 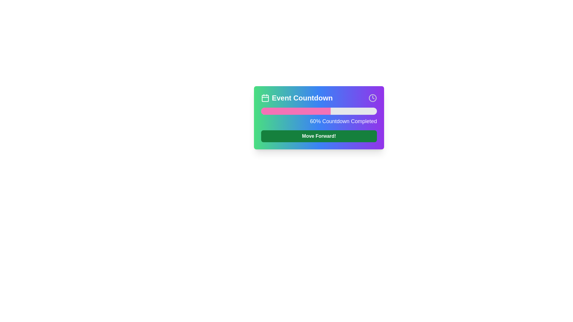 What do you see at coordinates (319, 136) in the screenshot?
I see `the call-to-action button located at the bottom of the gradient-styled panel` at bounding box center [319, 136].